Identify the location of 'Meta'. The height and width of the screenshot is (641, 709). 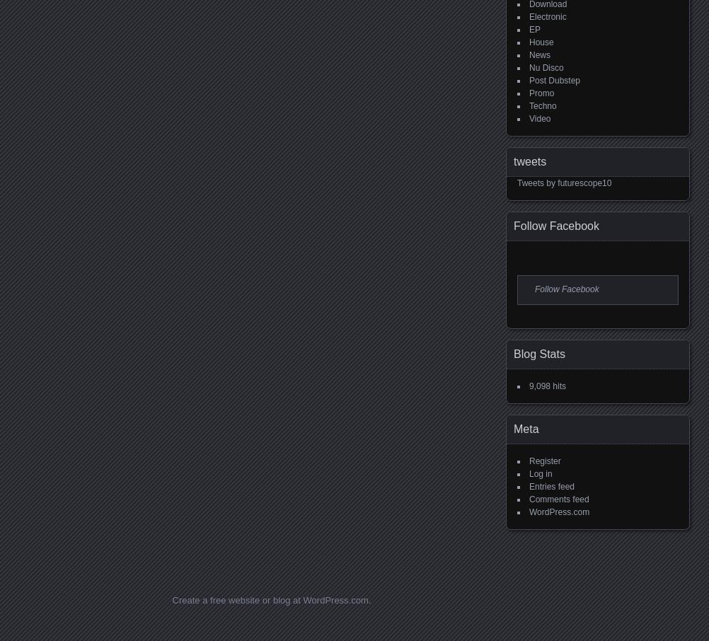
(526, 428).